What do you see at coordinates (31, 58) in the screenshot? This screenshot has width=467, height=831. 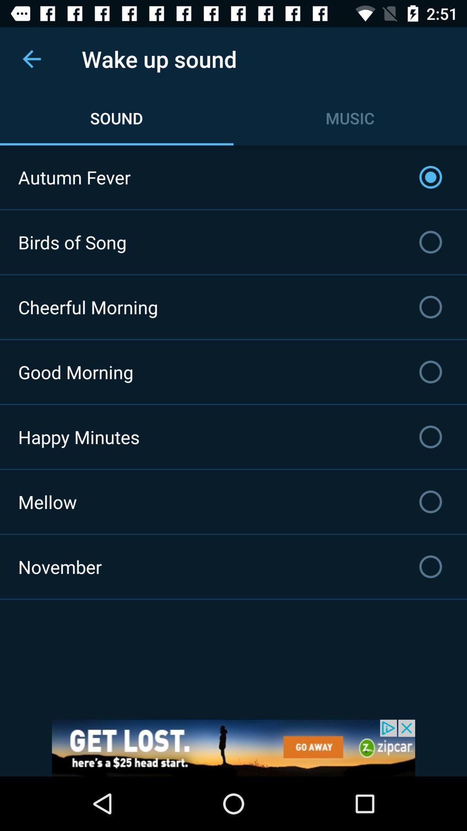 I see `the item above autumn fever item` at bounding box center [31, 58].